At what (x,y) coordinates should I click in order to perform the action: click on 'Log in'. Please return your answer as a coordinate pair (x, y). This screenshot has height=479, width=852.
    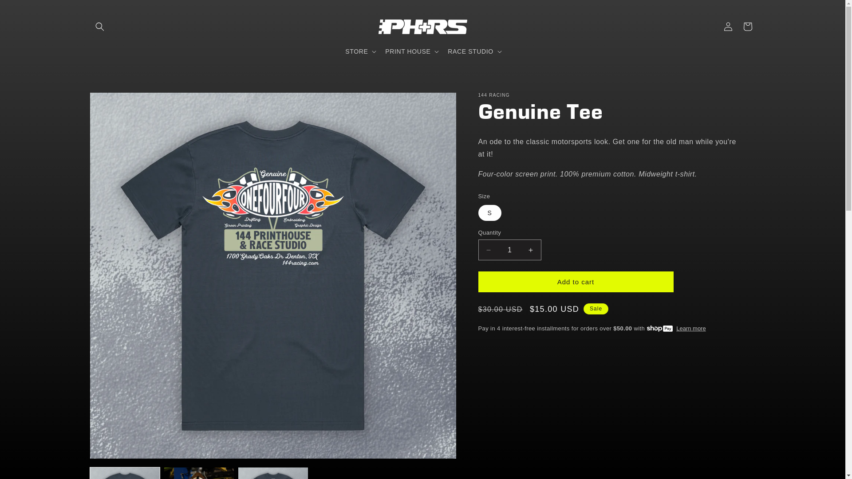
    Looking at the image, I should click on (728, 26).